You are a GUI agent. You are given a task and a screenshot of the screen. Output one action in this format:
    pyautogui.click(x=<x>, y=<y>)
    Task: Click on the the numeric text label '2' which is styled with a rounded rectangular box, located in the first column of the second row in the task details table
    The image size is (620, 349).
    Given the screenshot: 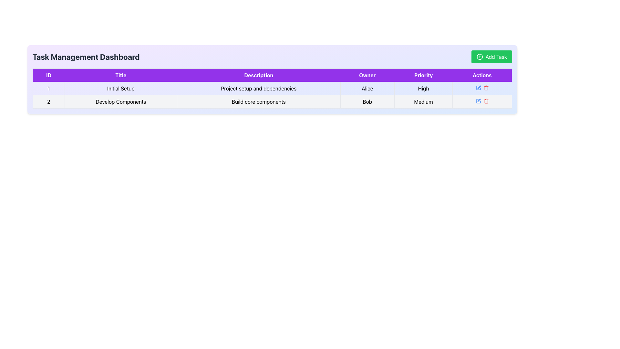 What is the action you would take?
    pyautogui.click(x=48, y=102)
    